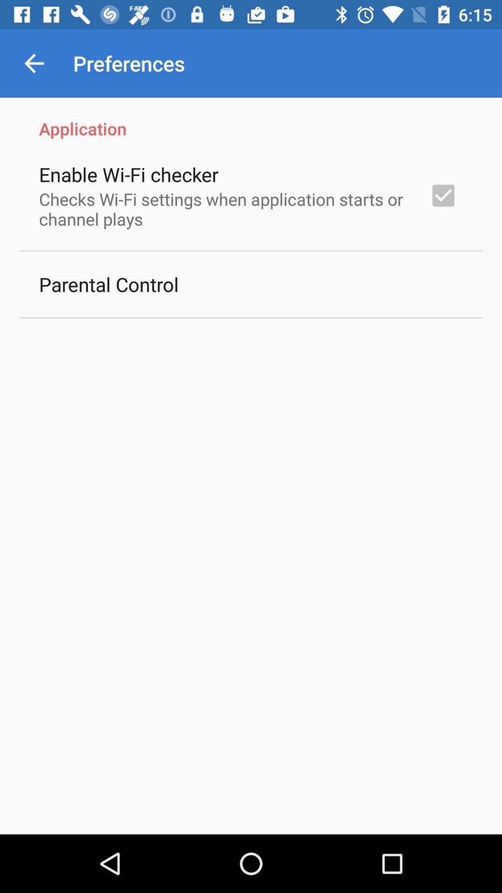 The height and width of the screenshot is (893, 502). What do you see at coordinates (33, 63) in the screenshot?
I see `the item to the left of the preferences app` at bounding box center [33, 63].